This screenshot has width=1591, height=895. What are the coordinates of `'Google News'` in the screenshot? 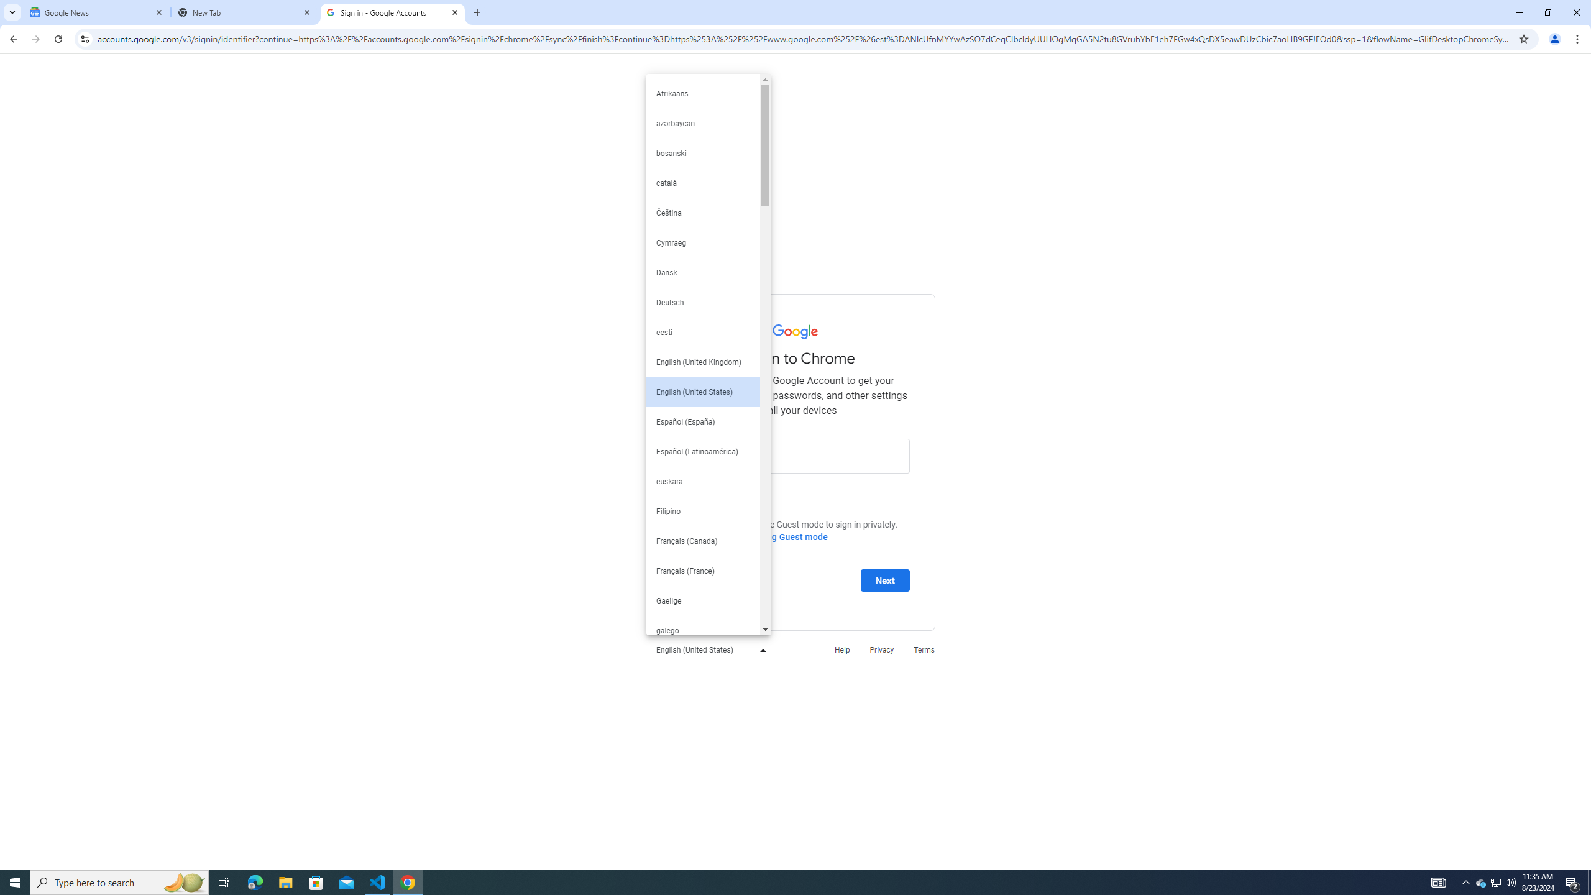 It's located at (96, 12).